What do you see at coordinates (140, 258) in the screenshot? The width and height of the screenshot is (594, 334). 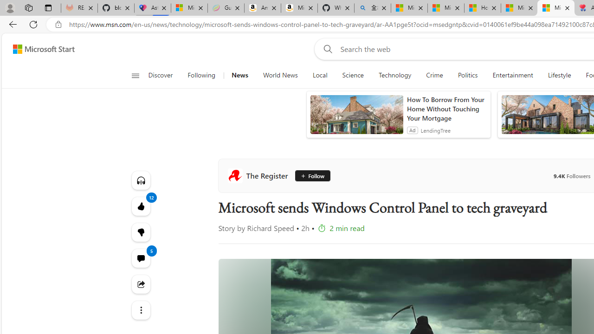 I see `'View comments 5 Comment'` at bounding box center [140, 258].